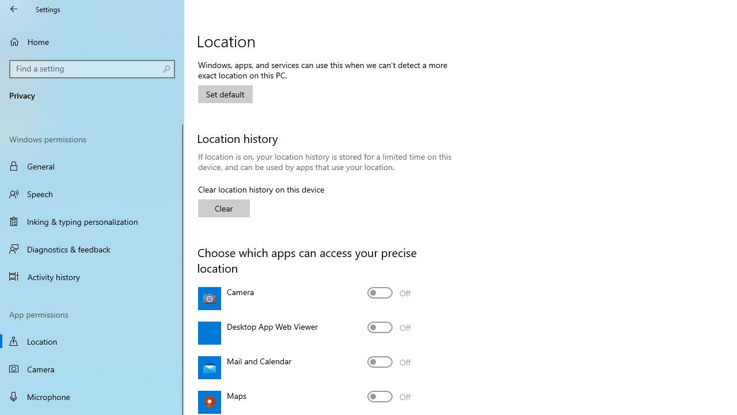  I want to click on 'Home', so click(92, 41).